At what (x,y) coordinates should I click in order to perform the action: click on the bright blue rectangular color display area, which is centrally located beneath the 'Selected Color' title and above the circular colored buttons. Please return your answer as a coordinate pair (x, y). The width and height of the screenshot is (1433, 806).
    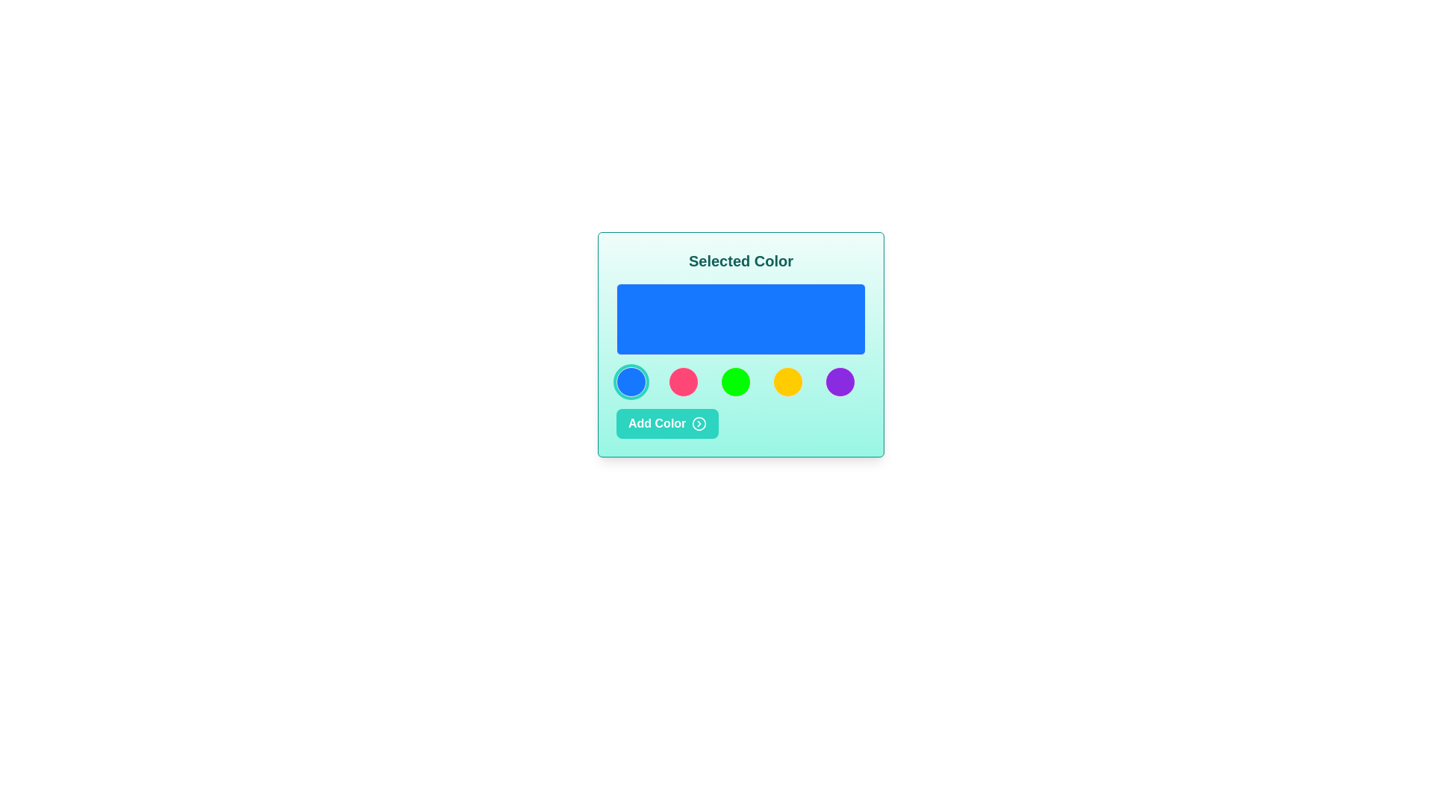
    Looking at the image, I should click on (741, 319).